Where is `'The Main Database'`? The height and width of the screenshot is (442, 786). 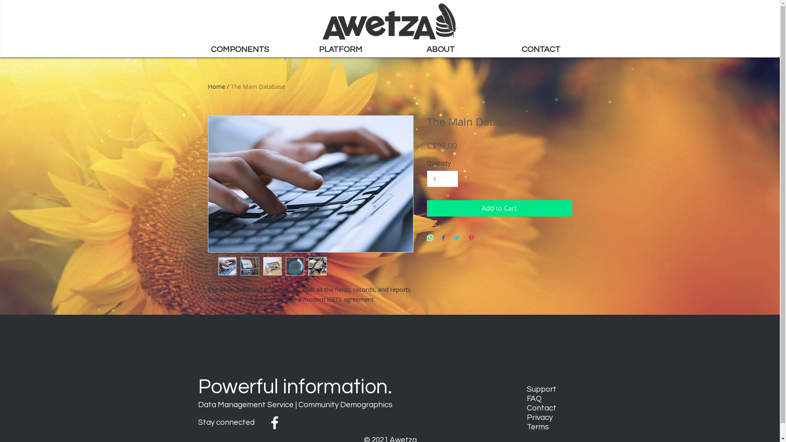
'The Main Database' is located at coordinates (257, 86).